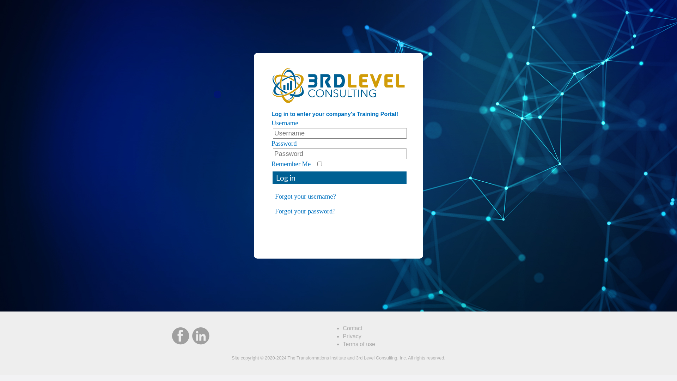 Image resolution: width=677 pixels, height=381 pixels. I want to click on '3rd Level Consulting', so click(376, 358).